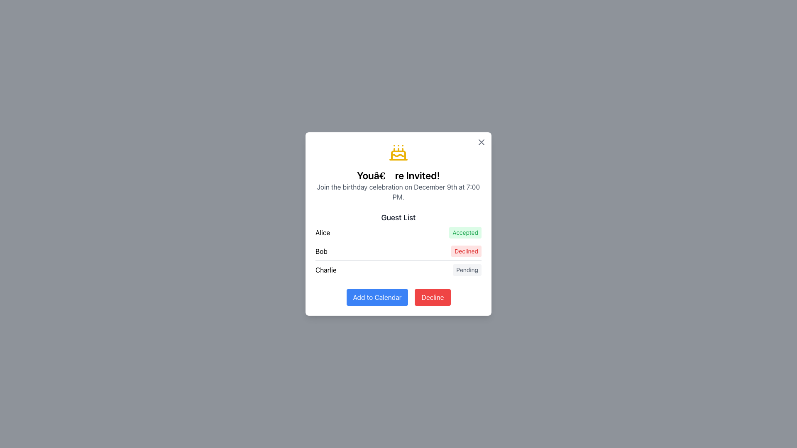 The image size is (797, 448). I want to click on the 'Decline' button located in the button group at the bottom of the modal dialog, which has a red background and white text, so click(398, 297).